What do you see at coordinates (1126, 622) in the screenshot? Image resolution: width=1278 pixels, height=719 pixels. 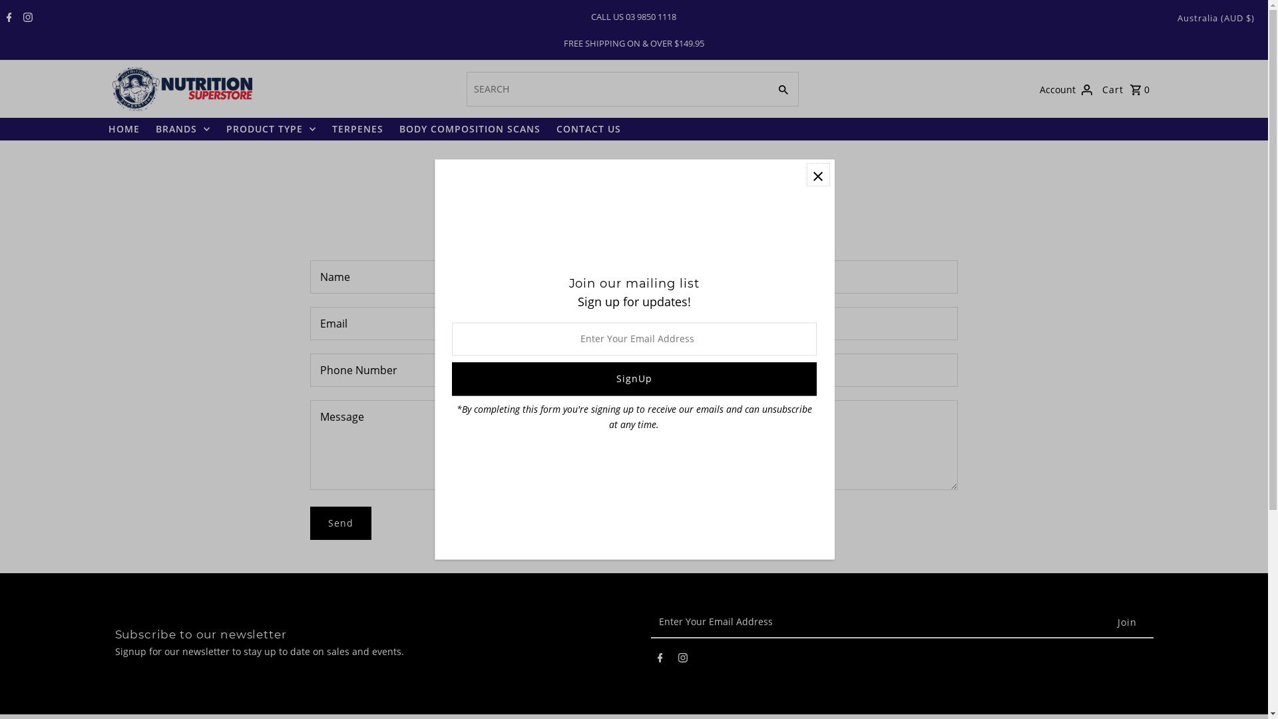 I see `'Join'` at bounding box center [1126, 622].